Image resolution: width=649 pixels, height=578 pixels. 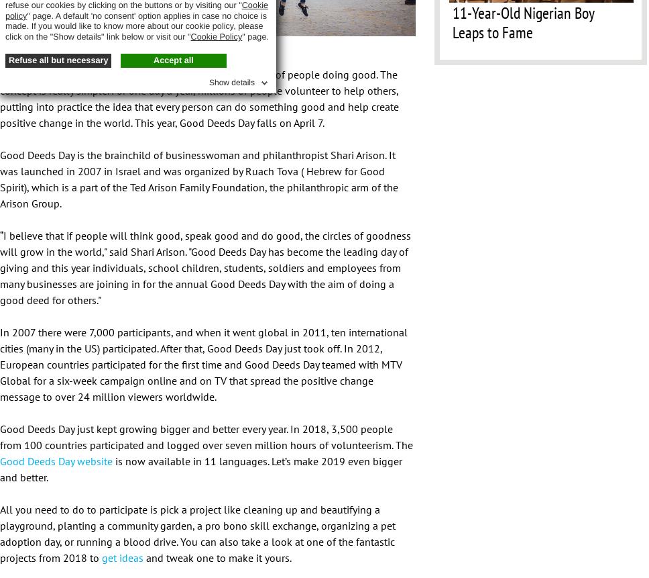 I want to click on 'get ideas', so click(x=101, y=557).